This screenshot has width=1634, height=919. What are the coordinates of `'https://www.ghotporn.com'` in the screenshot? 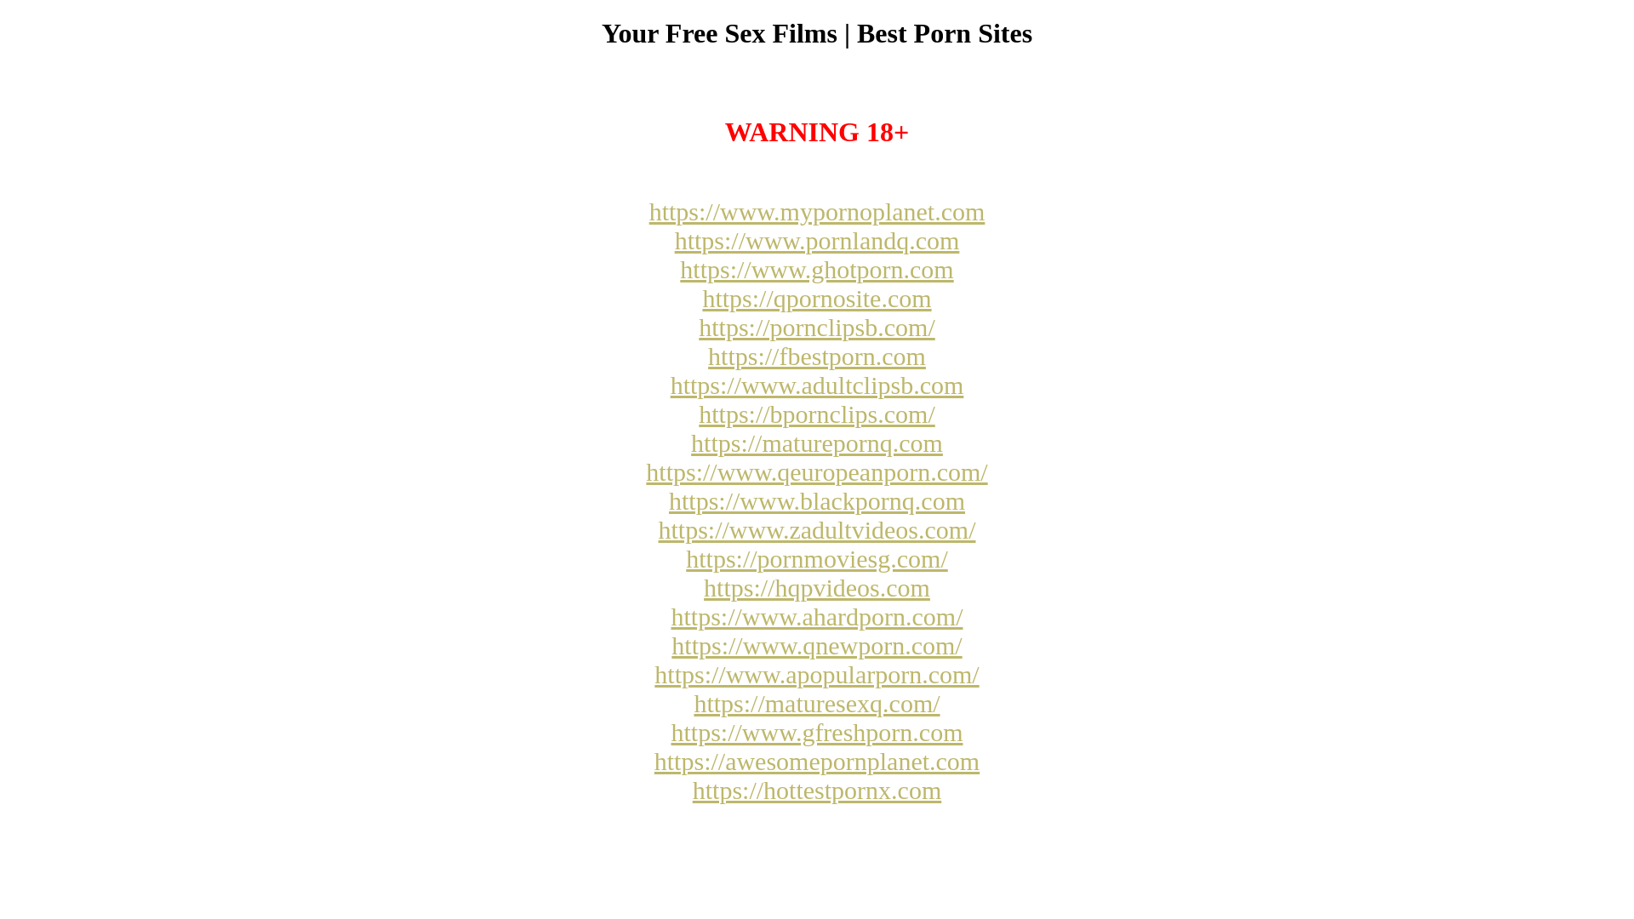 It's located at (815, 268).